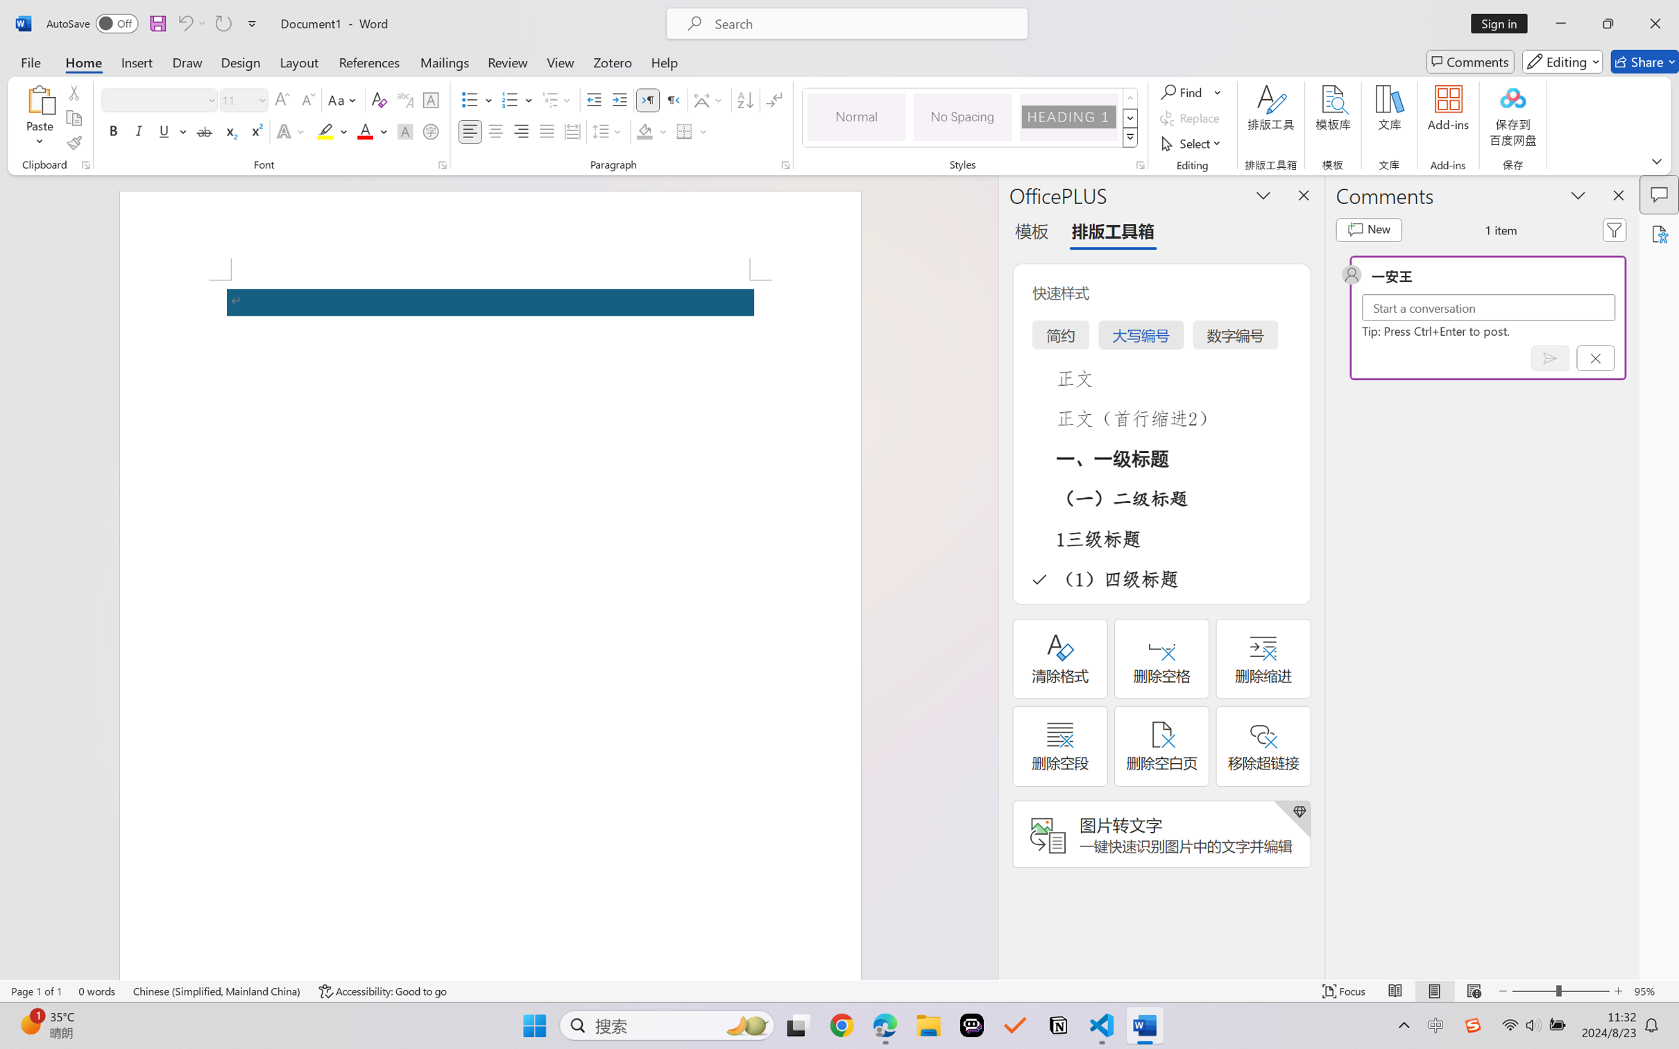 This screenshot has width=1679, height=1049. What do you see at coordinates (184, 23) in the screenshot?
I see `'Undo Apply Quick Style Set'` at bounding box center [184, 23].